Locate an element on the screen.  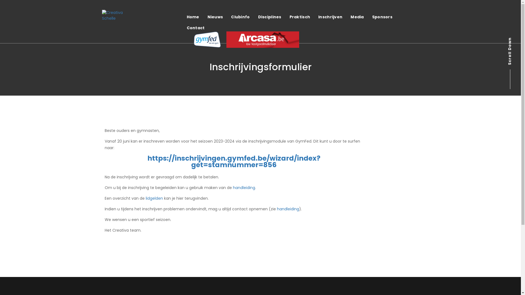
'Home' is located at coordinates (193, 16).